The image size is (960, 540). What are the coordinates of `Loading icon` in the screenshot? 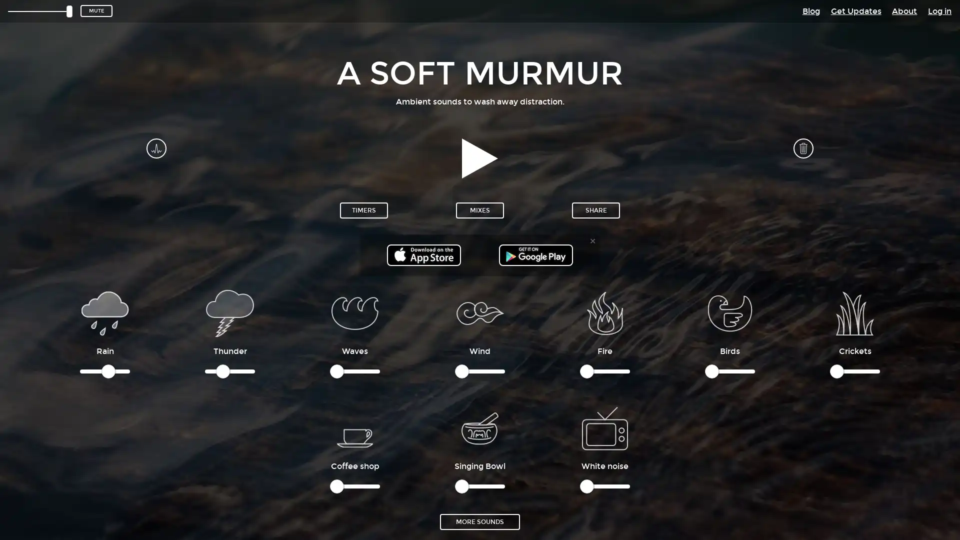 It's located at (480, 427).